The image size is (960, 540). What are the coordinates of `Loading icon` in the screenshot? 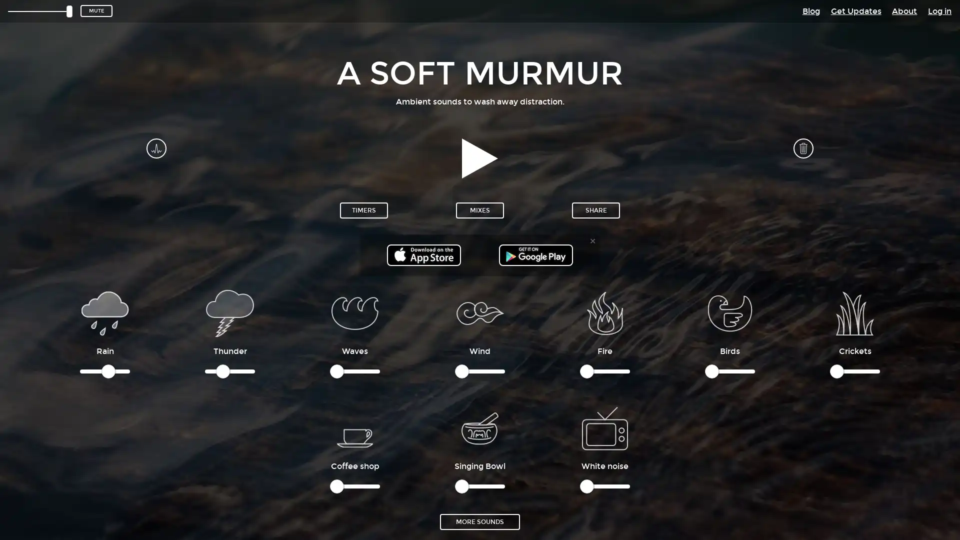 It's located at (480, 427).